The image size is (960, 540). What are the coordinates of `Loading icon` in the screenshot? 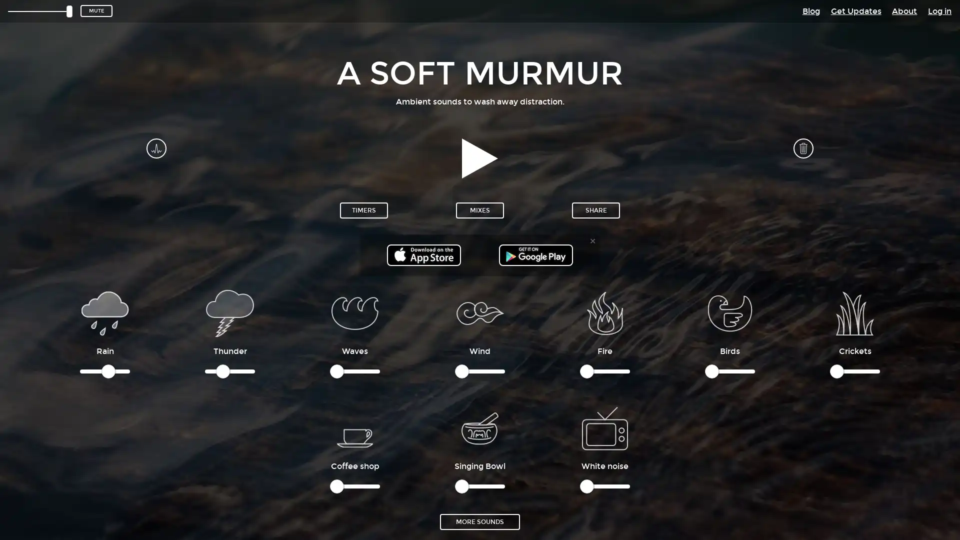 It's located at (480, 427).